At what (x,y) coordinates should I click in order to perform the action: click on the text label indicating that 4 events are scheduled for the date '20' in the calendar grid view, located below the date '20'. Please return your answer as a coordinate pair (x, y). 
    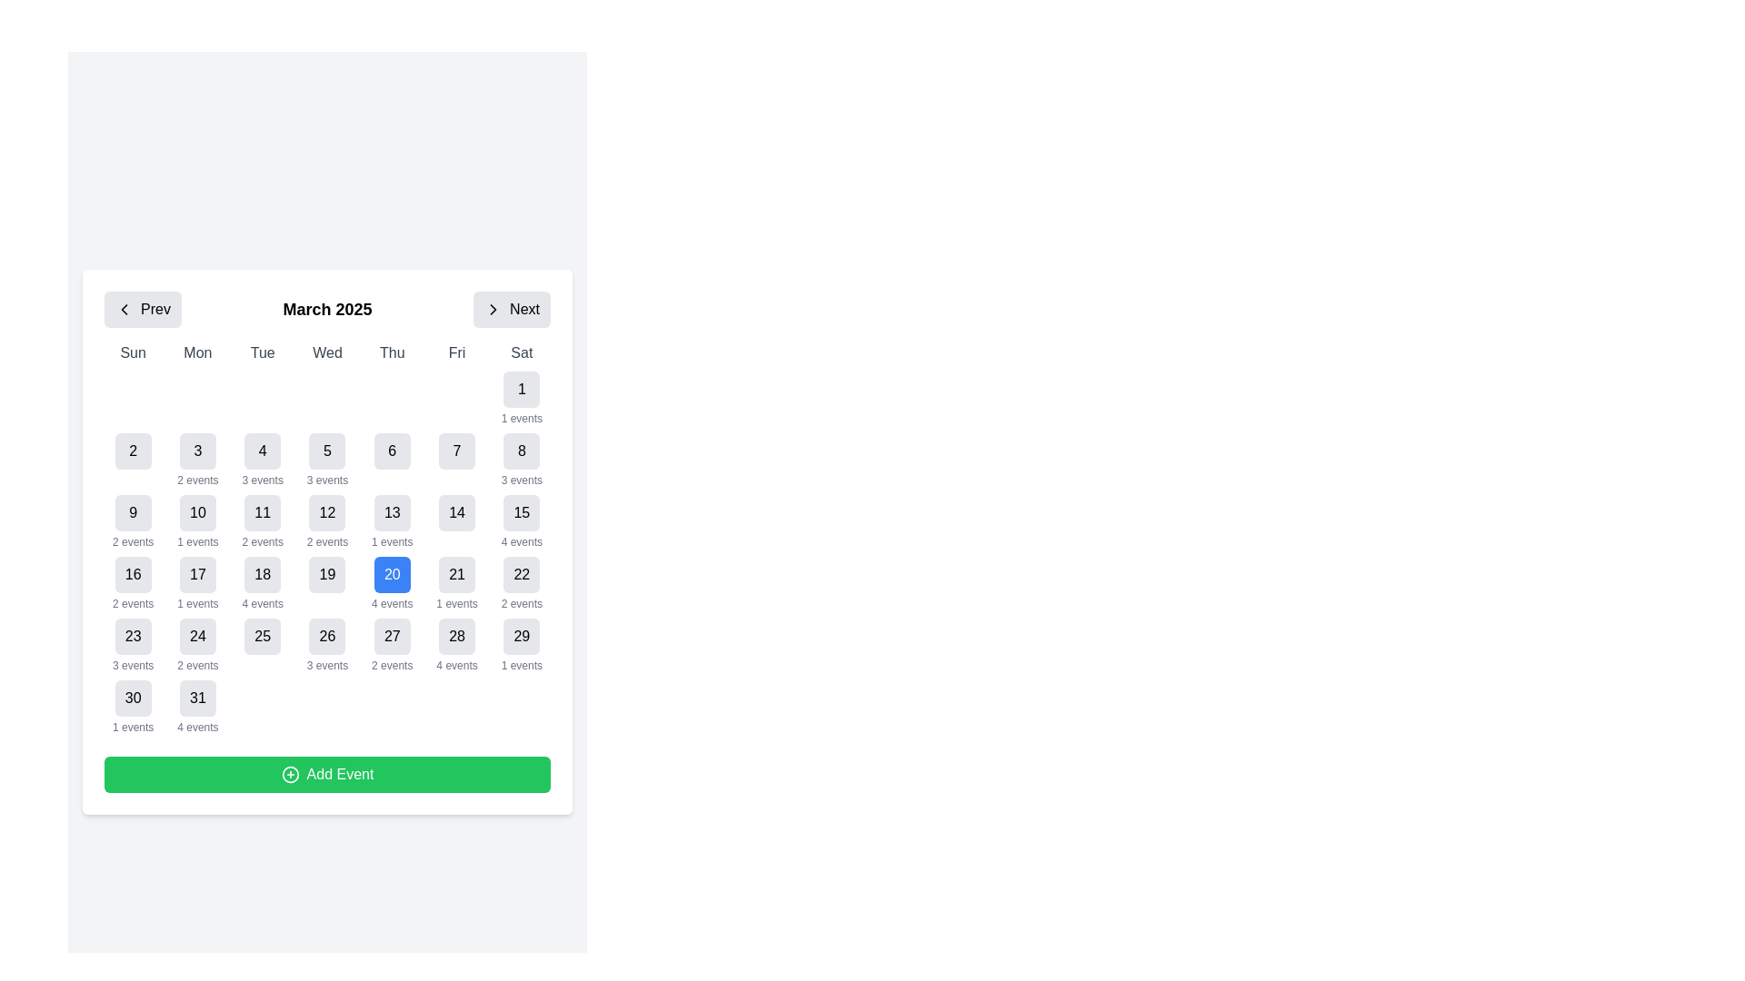
    Looking at the image, I should click on (391, 603).